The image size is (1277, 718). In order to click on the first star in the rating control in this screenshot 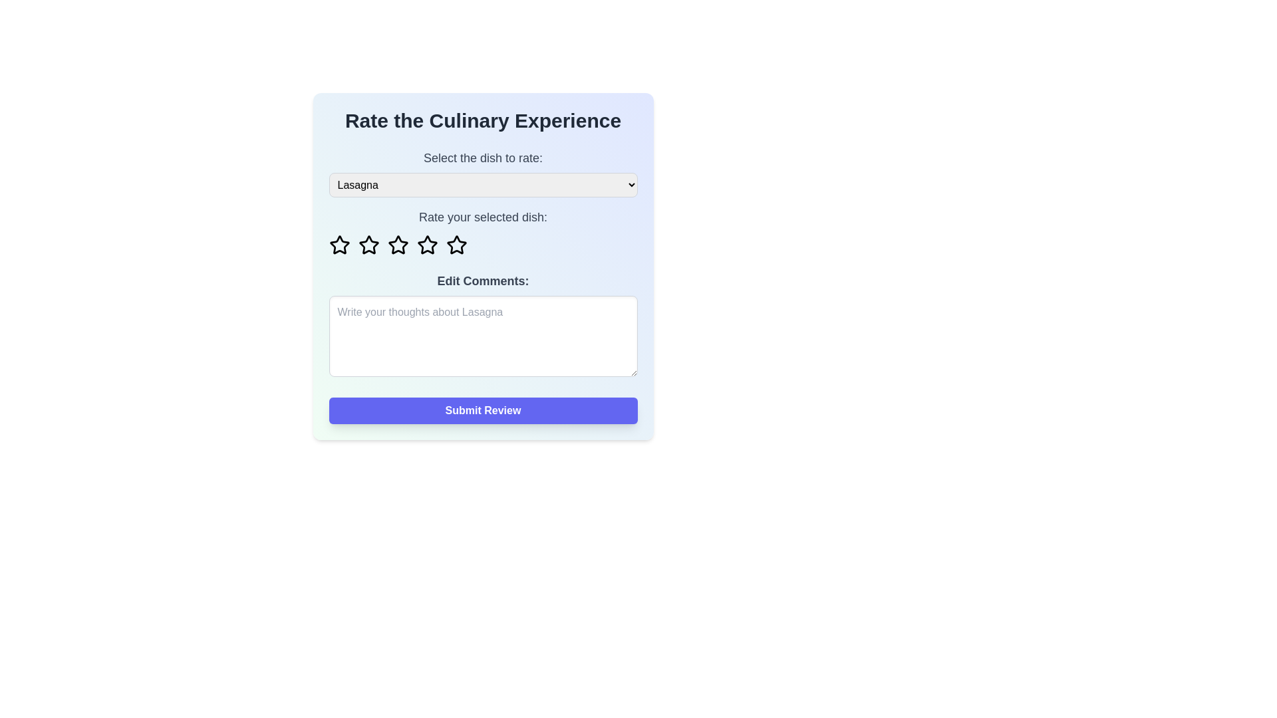, I will do `click(339, 245)`.